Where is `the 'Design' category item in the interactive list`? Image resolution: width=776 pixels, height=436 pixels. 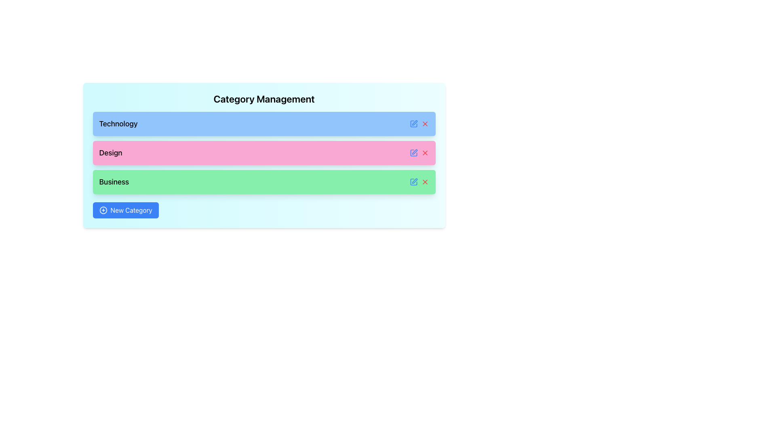 the 'Design' category item in the interactive list is located at coordinates (264, 155).